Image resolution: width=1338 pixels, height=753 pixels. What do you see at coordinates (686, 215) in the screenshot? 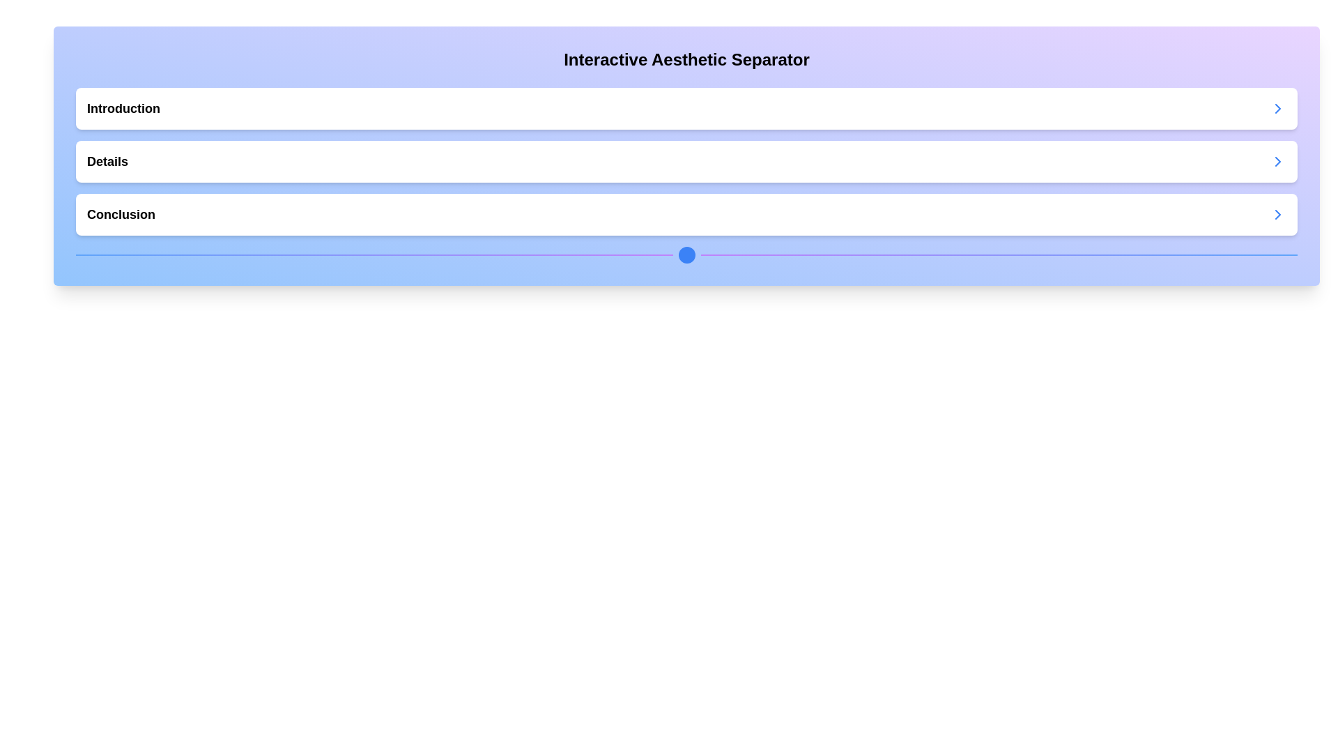
I see `the 'Conclusion' section in the collapsible navigation item` at bounding box center [686, 215].